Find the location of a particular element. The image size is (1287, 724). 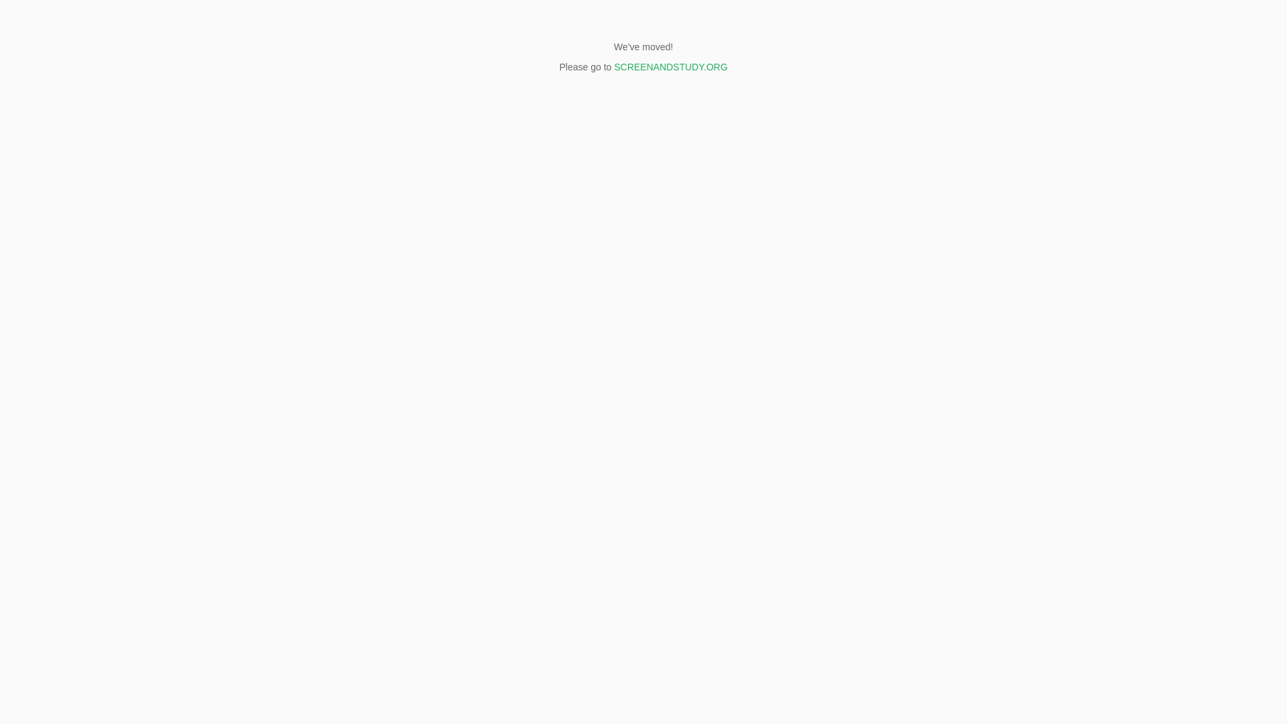

'SCREENANDSTUDY.ORG' is located at coordinates (669, 67).